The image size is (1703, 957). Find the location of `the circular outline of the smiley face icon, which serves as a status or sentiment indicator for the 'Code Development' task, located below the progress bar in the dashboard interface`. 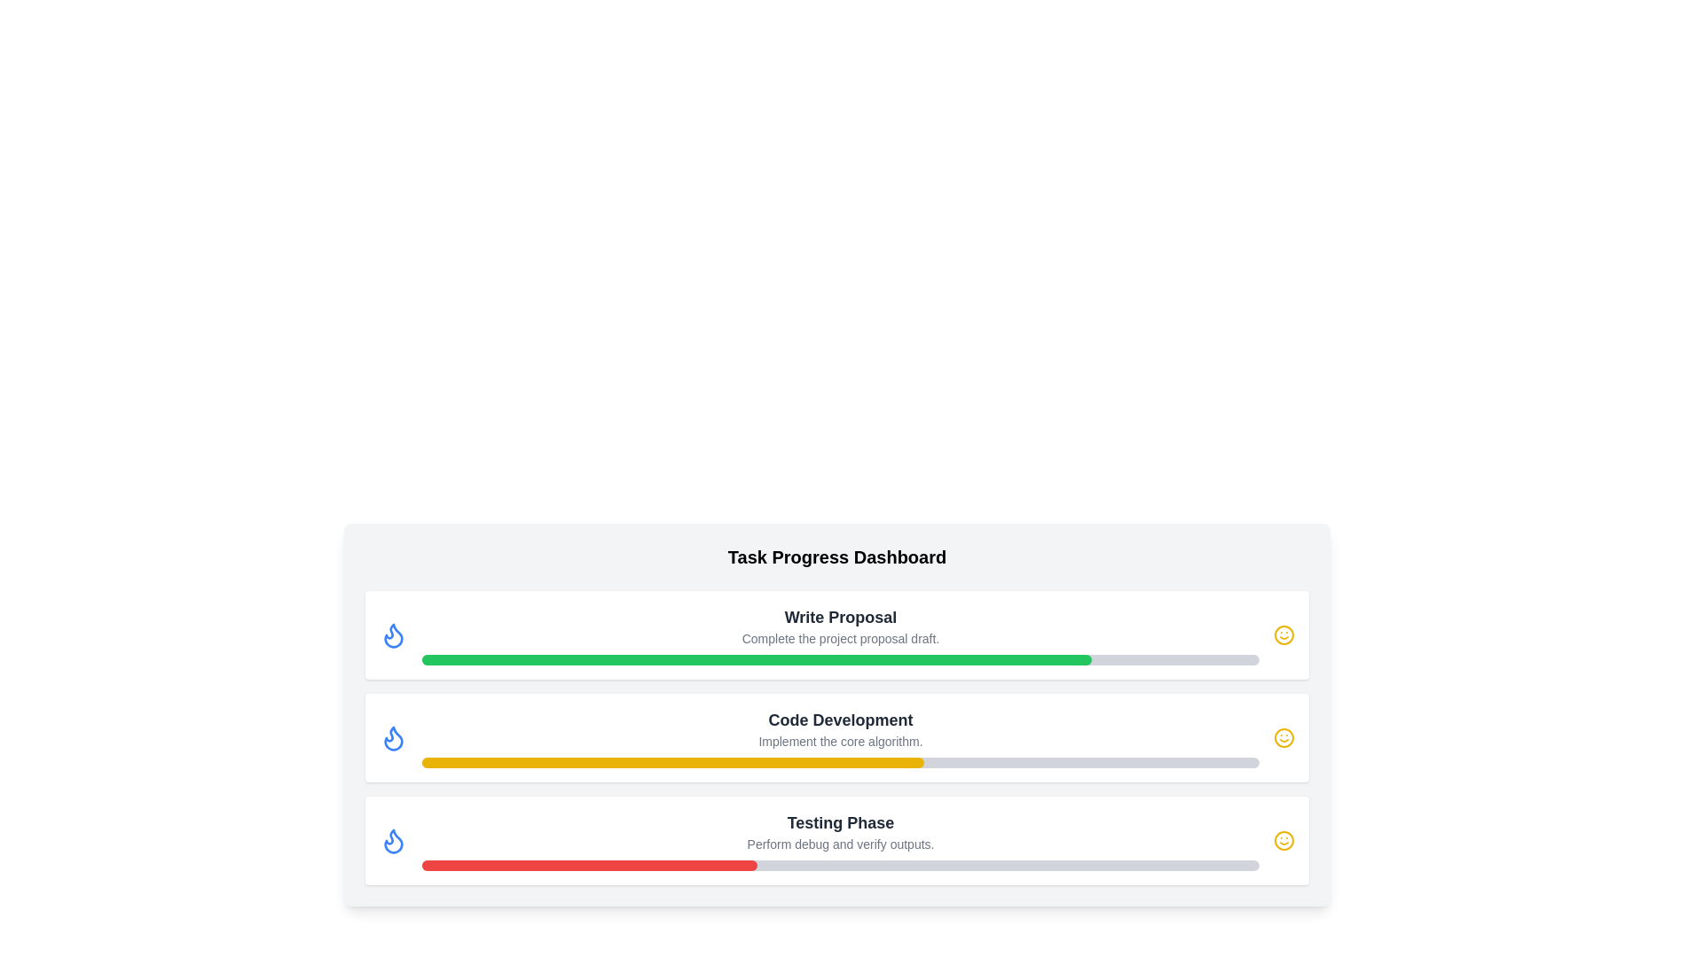

the circular outline of the smiley face icon, which serves as a status or sentiment indicator for the 'Code Development' task, located below the progress bar in the dashboard interface is located at coordinates (1284, 839).